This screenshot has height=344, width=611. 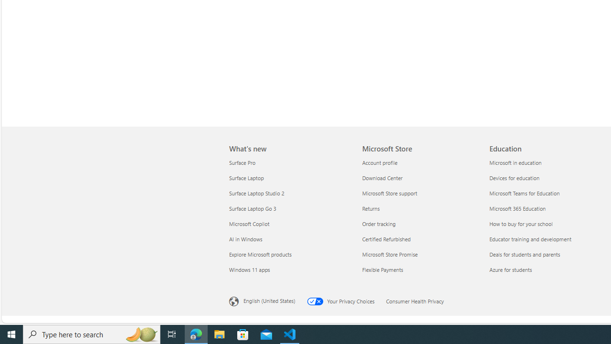 What do you see at coordinates (420, 254) in the screenshot?
I see `'Microsoft Store Promise'` at bounding box center [420, 254].